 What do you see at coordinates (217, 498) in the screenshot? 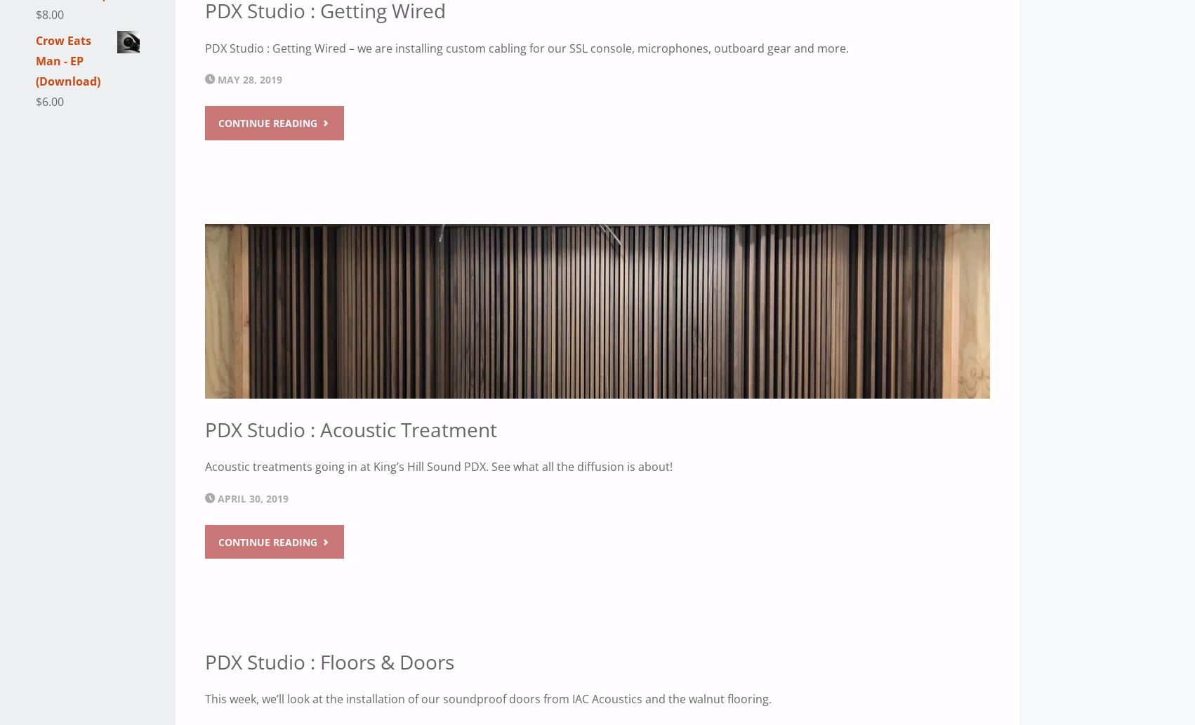
I see `'April 30, 2019'` at bounding box center [217, 498].